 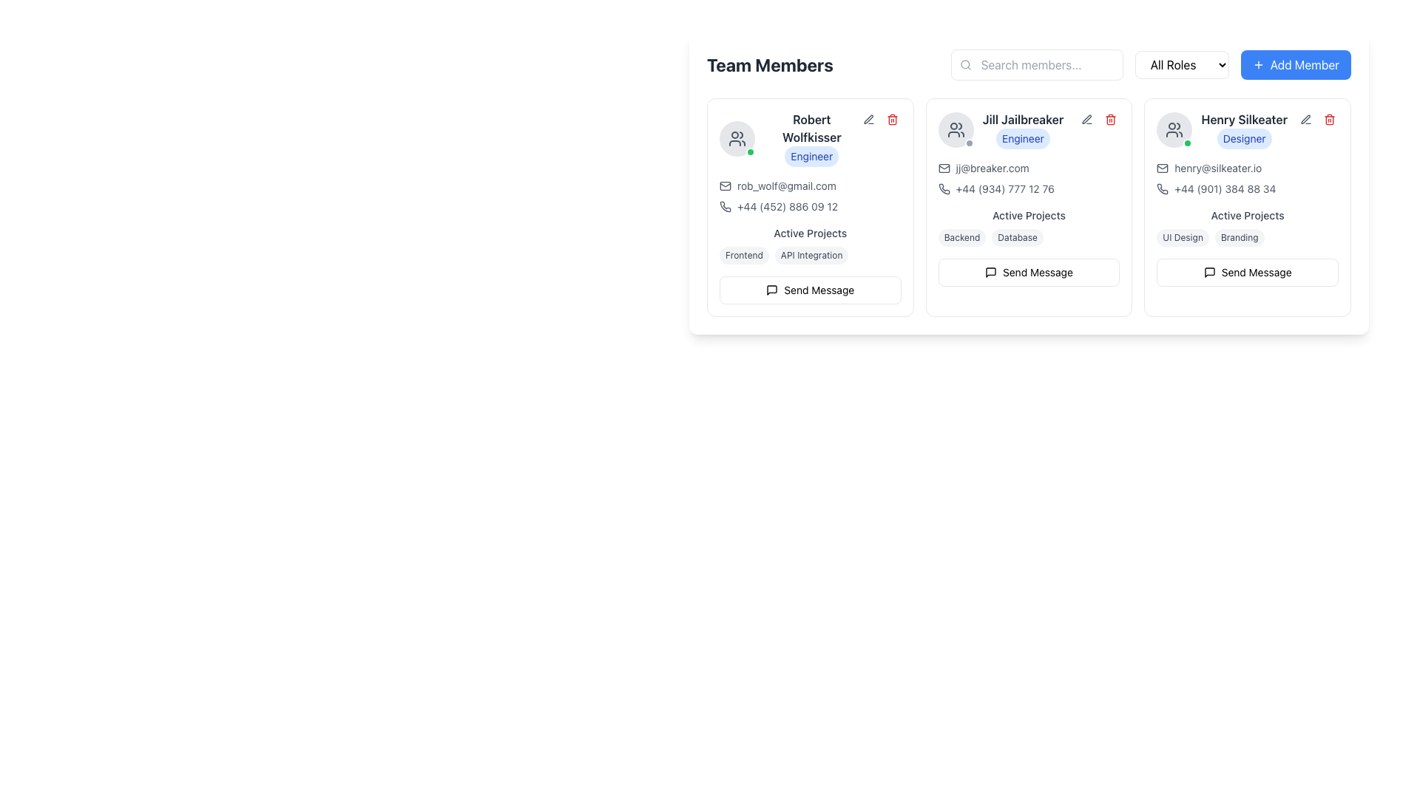 I want to click on the profile status icon representing 'Robert Wolfkisser', so click(x=737, y=139).